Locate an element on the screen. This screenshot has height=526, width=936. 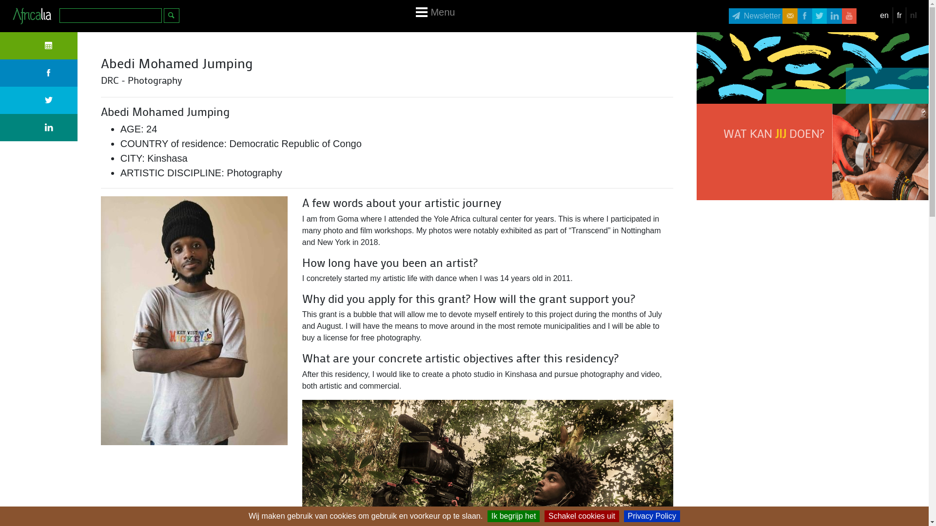
'Privacy Policy' is located at coordinates (652, 516).